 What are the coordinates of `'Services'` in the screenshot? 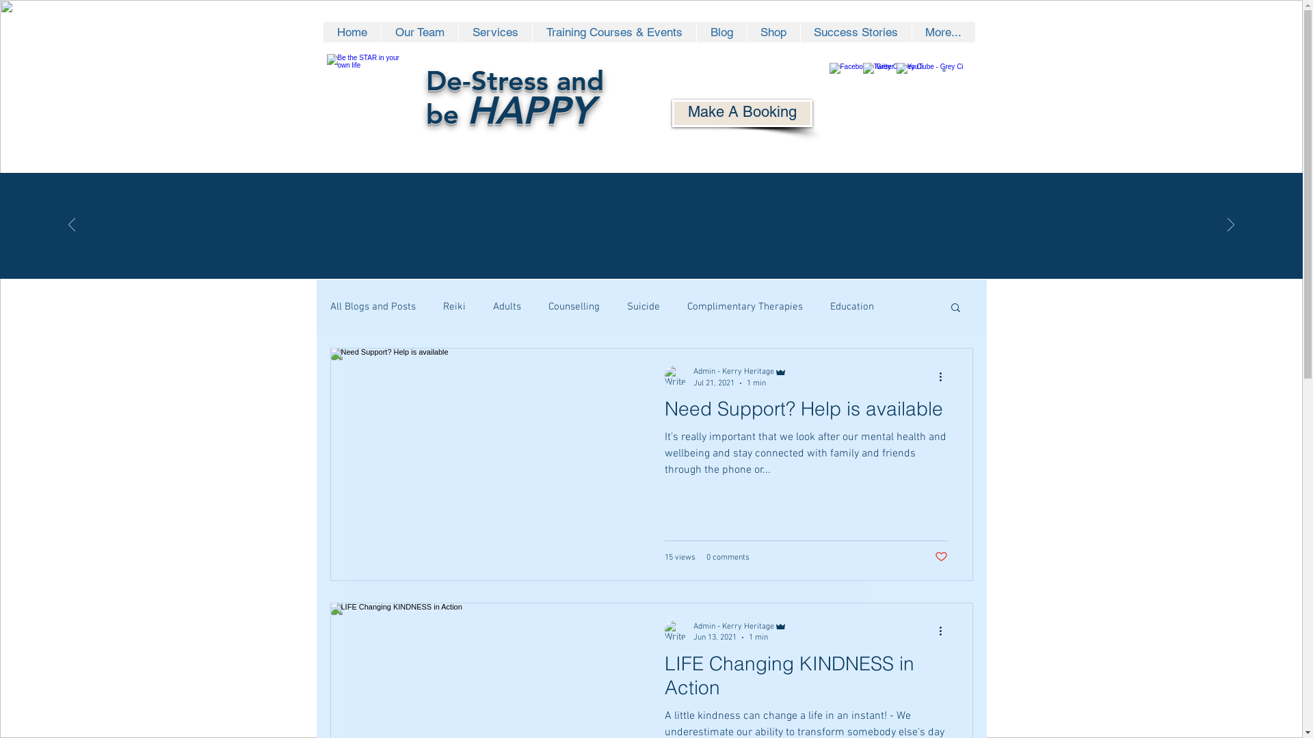 It's located at (494, 31).